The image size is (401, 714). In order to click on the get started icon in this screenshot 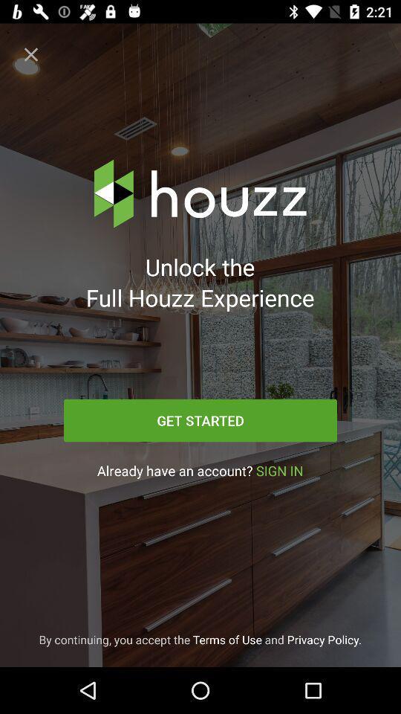, I will do `click(200, 420)`.